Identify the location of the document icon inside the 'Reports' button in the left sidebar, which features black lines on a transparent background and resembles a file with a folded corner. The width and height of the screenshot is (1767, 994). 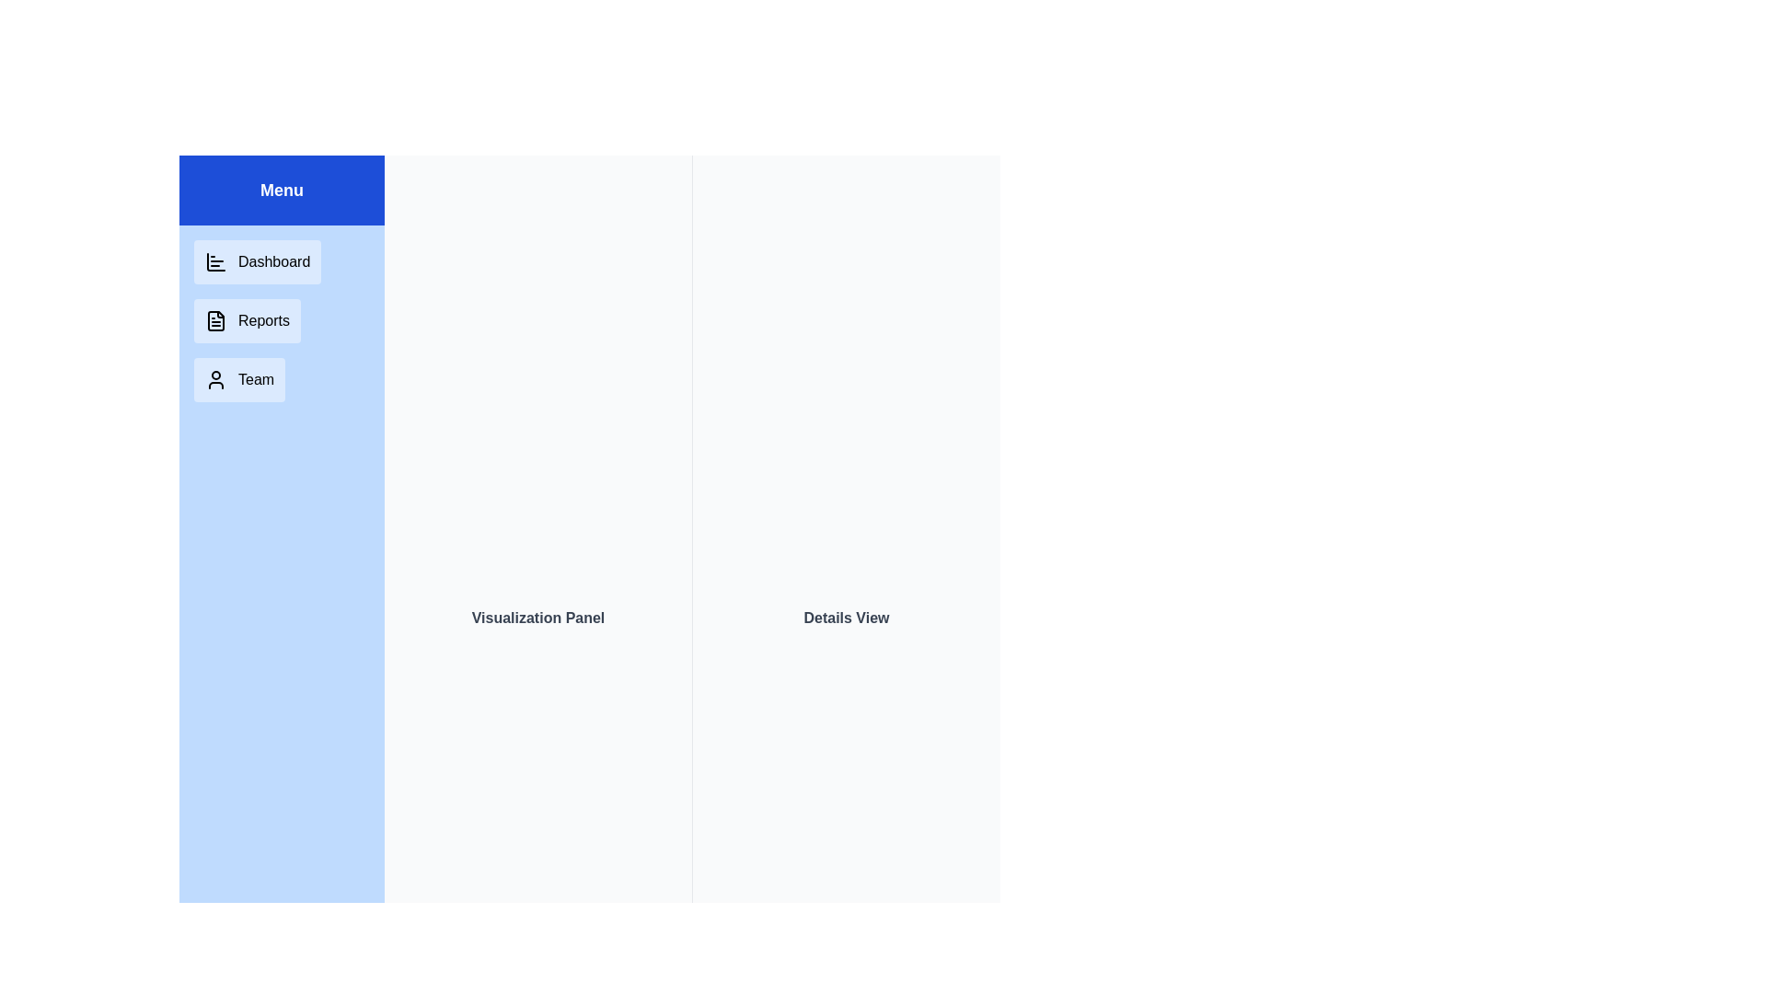
(216, 319).